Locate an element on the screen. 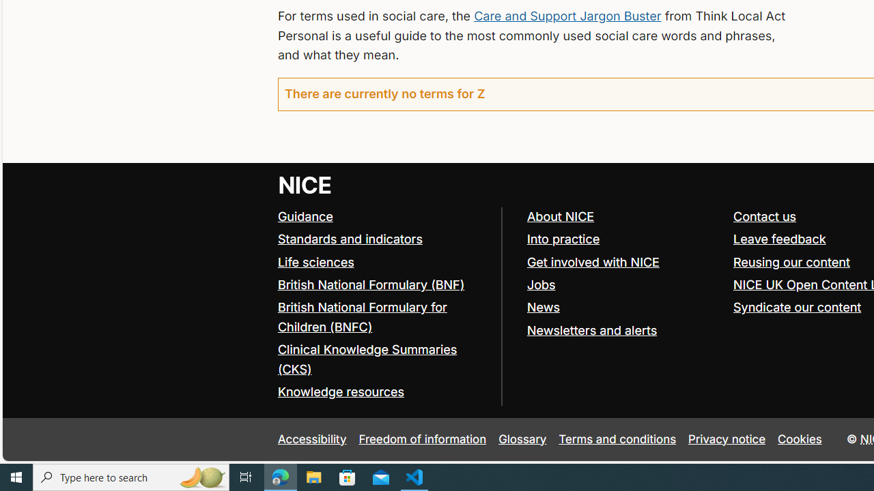  'Glossary' is located at coordinates (522, 439).